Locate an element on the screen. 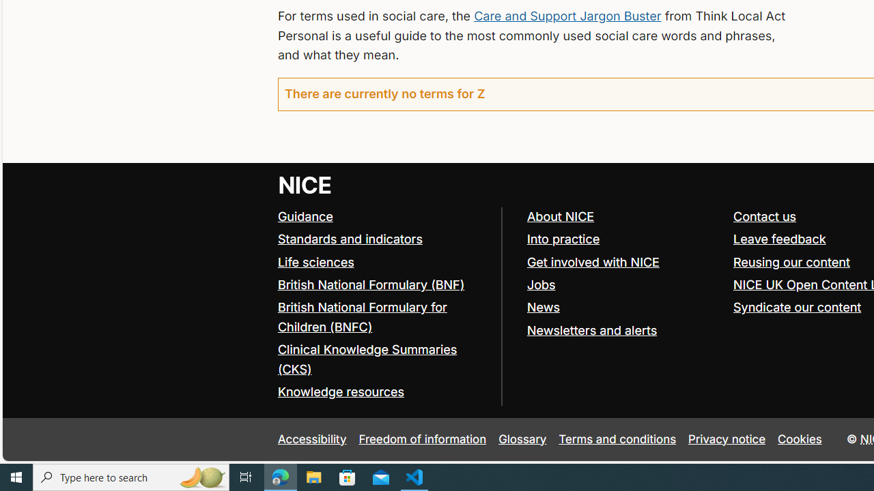  'Glossary' is located at coordinates (522, 439).